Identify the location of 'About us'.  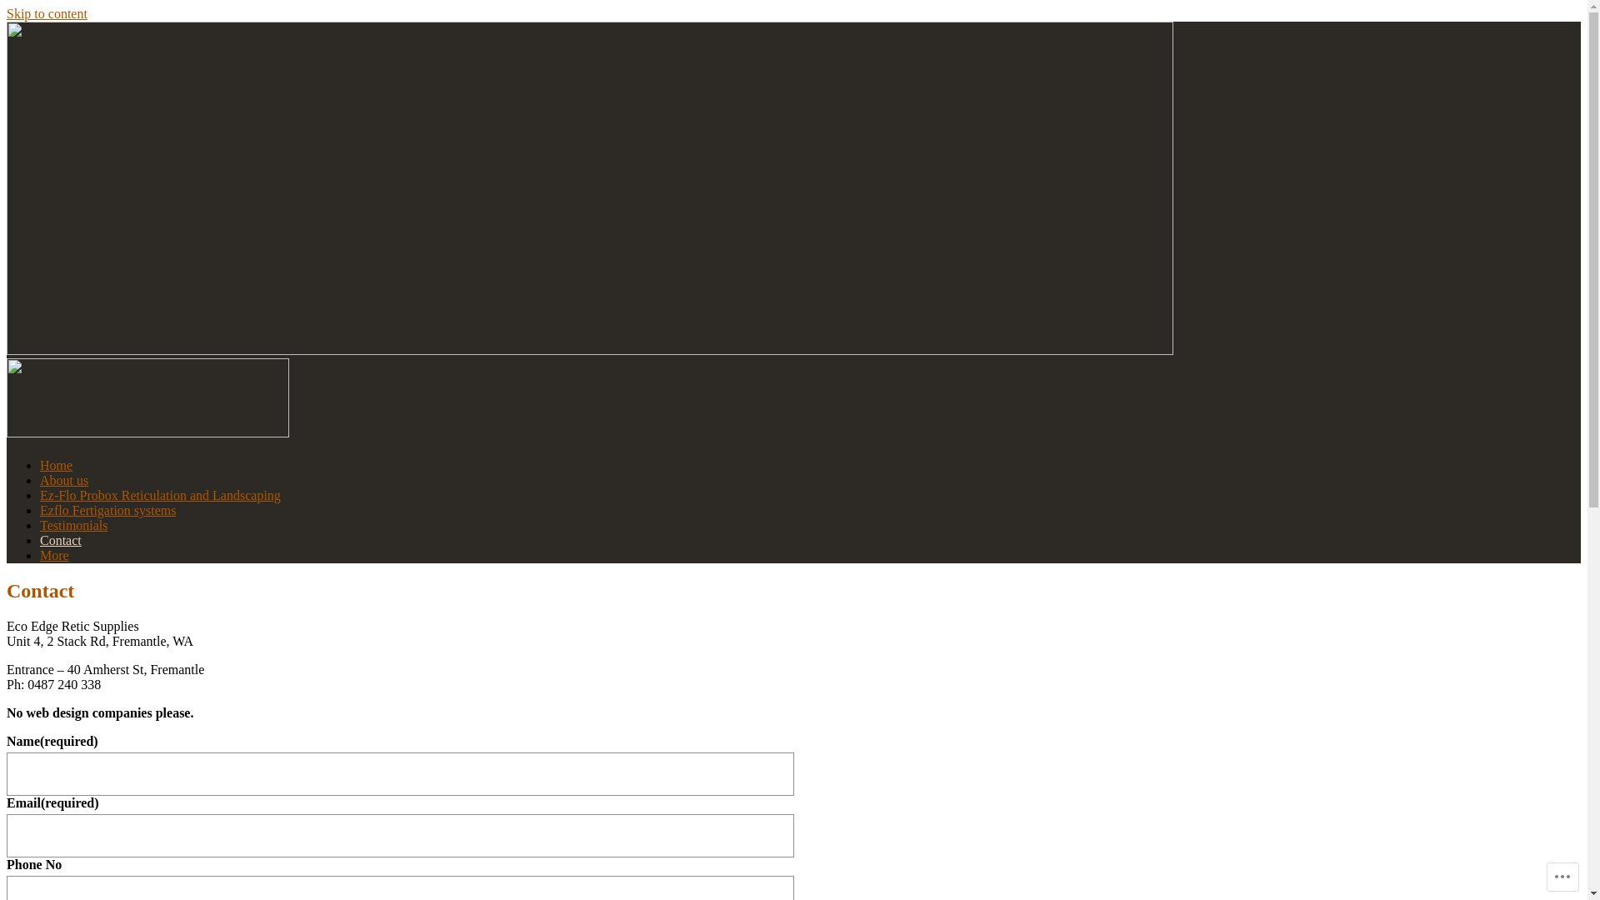
(63, 480).